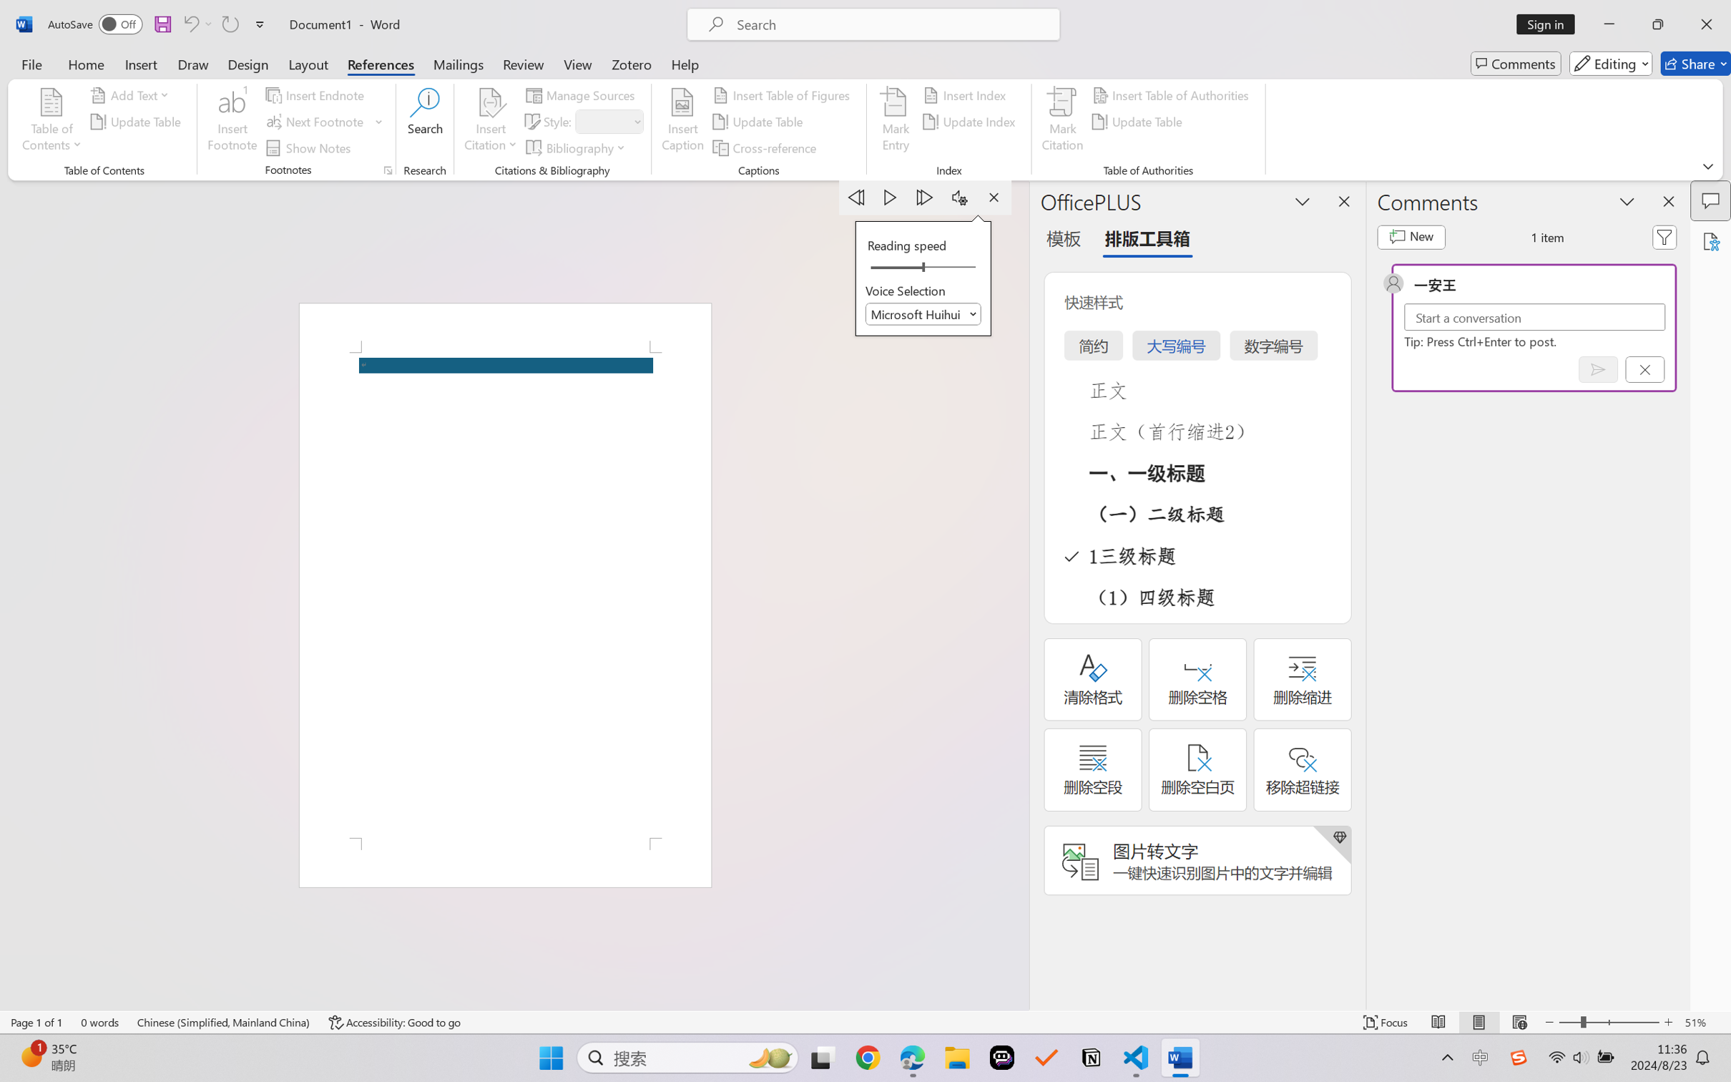  Describe the element at coordinates (1612, 63) in the screenshot. I see `'Editing'` at that location.